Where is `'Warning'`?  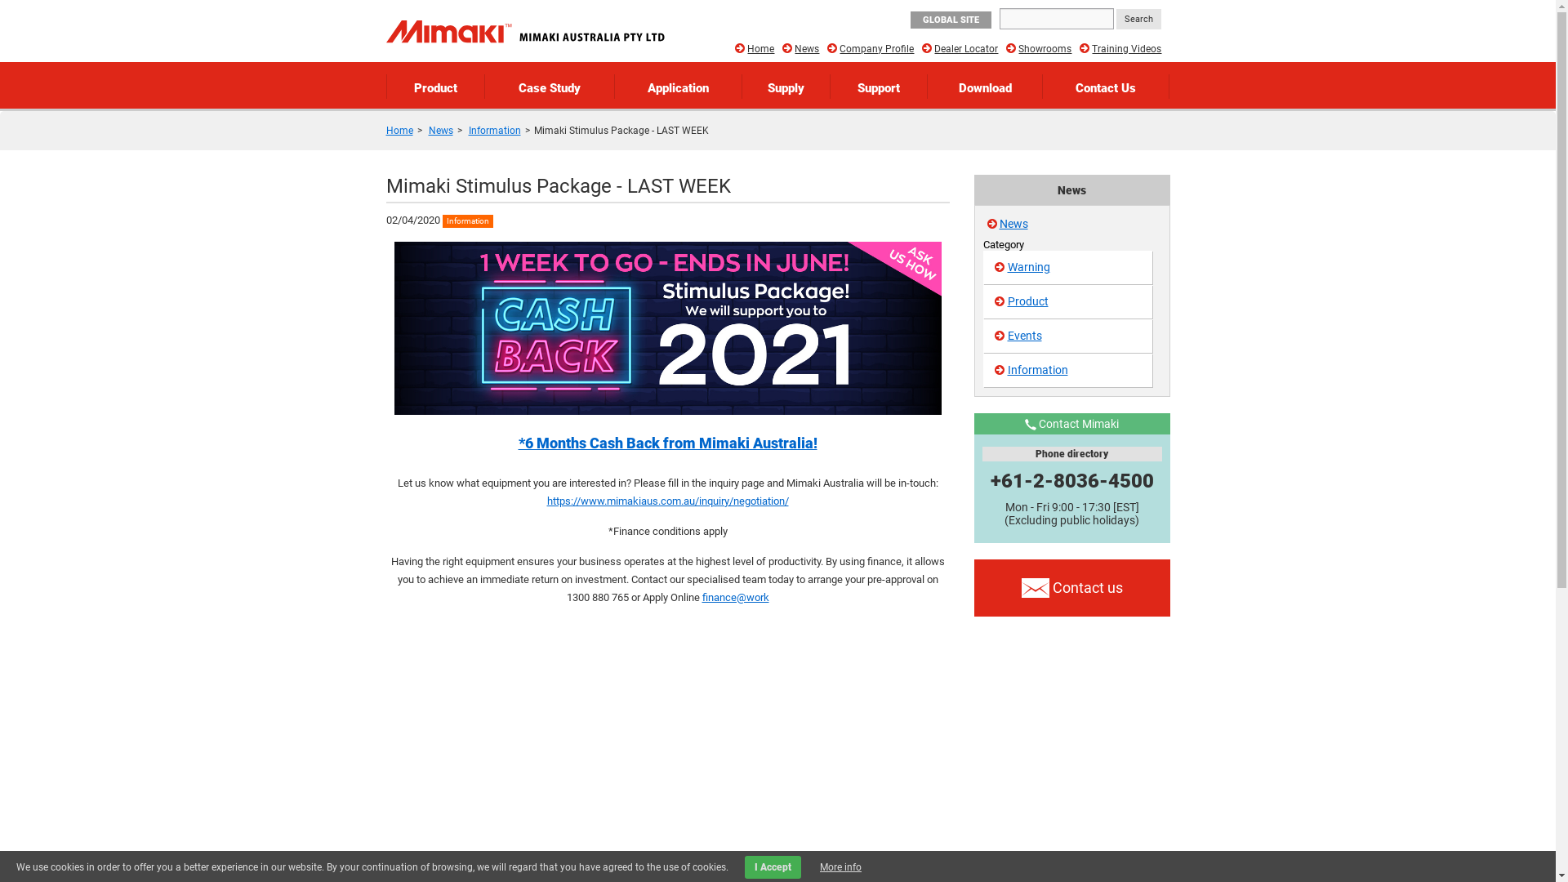
'Warning' is located at coordinates (982, 266).